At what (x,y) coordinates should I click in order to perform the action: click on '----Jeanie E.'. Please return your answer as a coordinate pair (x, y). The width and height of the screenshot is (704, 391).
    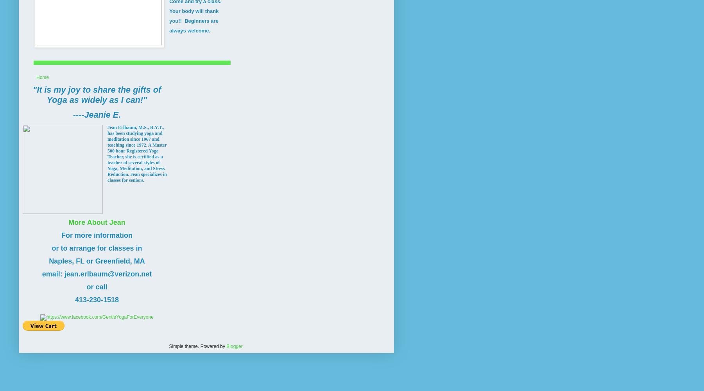
    Looking at the image, I should click on (96, 114).